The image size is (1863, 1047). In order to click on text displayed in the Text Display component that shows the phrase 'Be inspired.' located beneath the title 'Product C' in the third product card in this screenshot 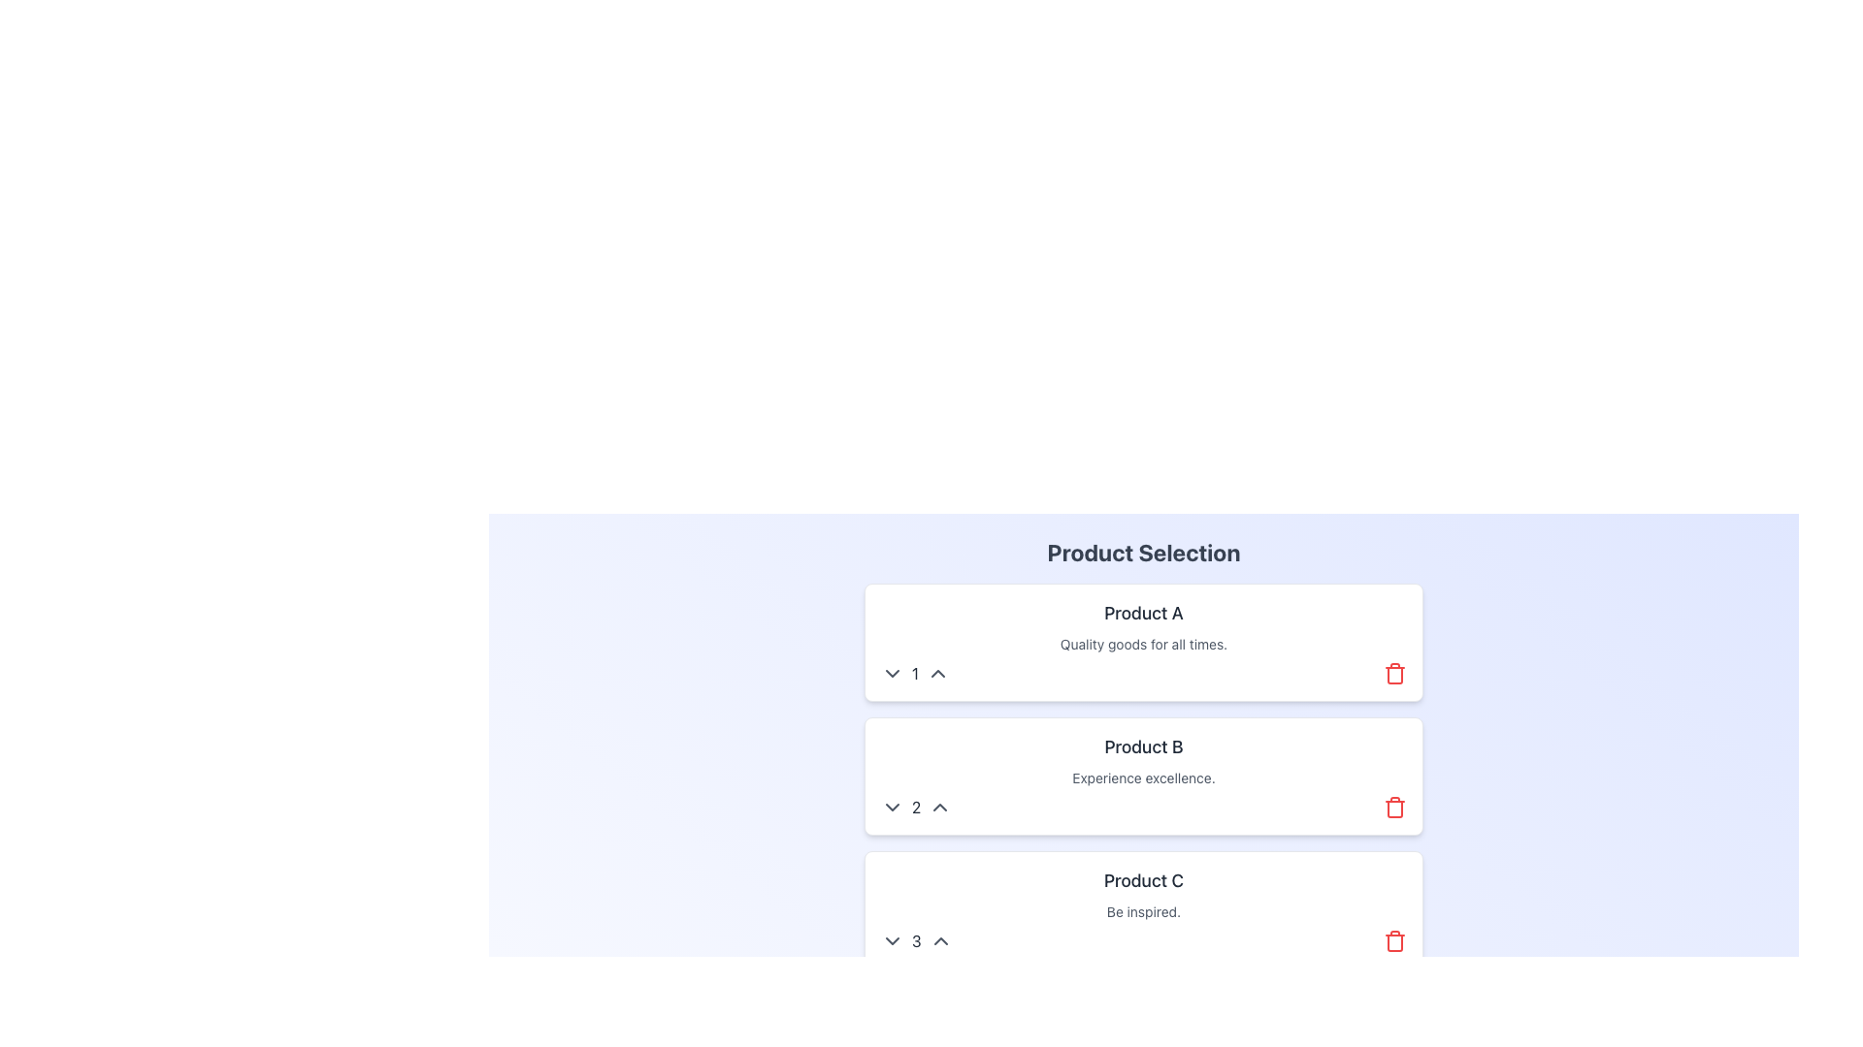, I will do `click(1144, 912)`.